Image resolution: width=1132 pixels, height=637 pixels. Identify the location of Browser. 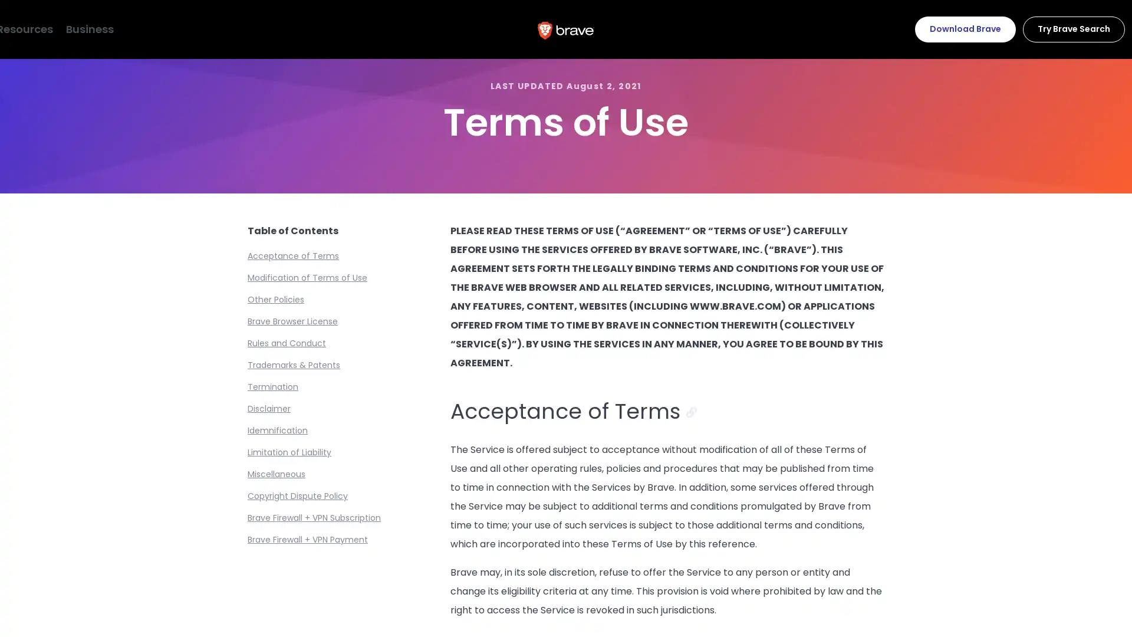
(35, 28).